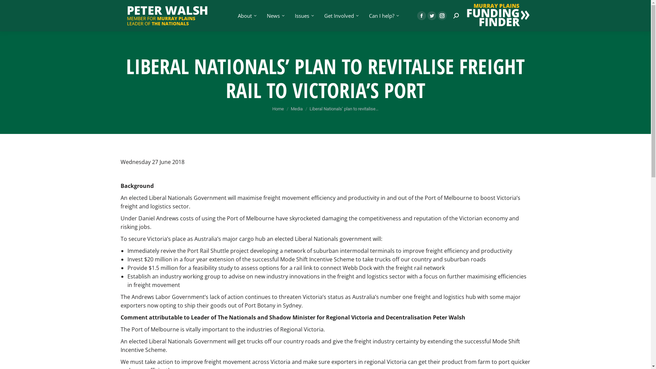  What do you see at coordinates (275, 15) in the screenshot?
I see `'News'` at bounding box center [275, 15].